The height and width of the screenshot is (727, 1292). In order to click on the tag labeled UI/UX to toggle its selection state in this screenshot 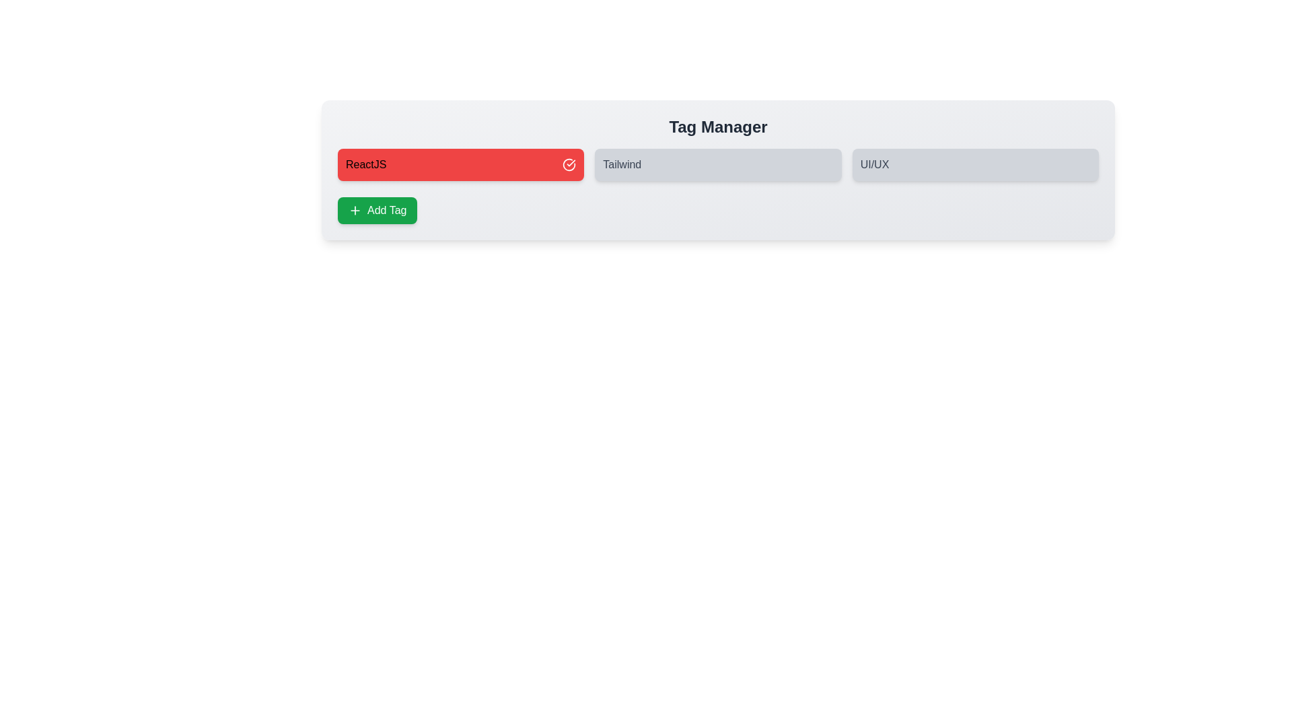, I will do `click(975, 164)`.